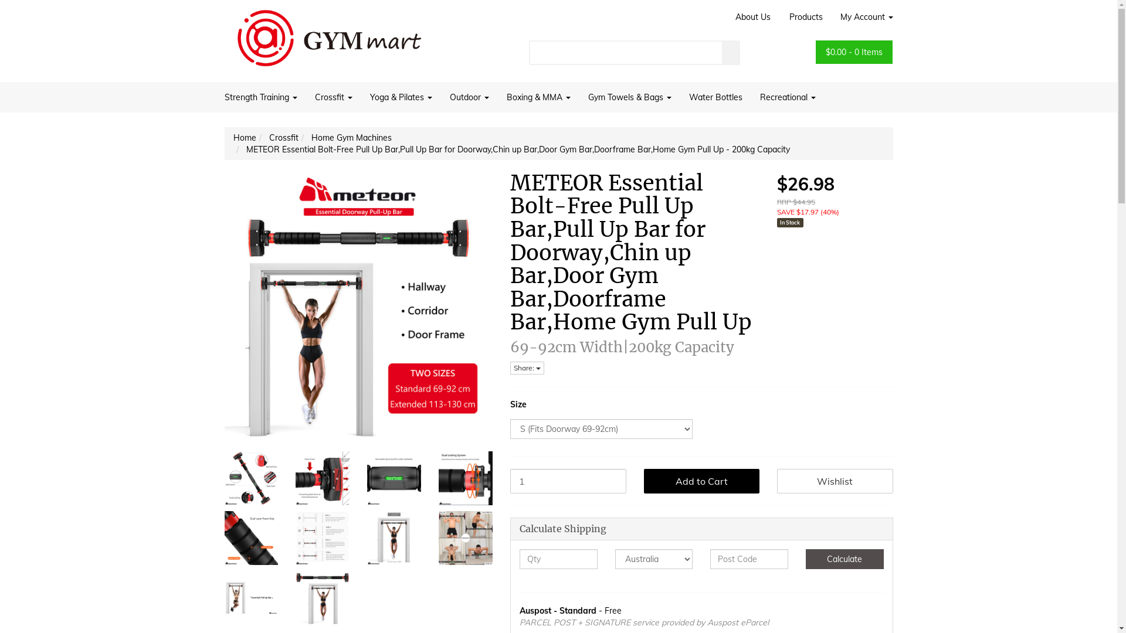 The height and width of the screenshot is (633, 1126). What do you see at coordinates (283, 137) in the screenshot?
I see `'Crossfit'` at bounding box center [283, 137].